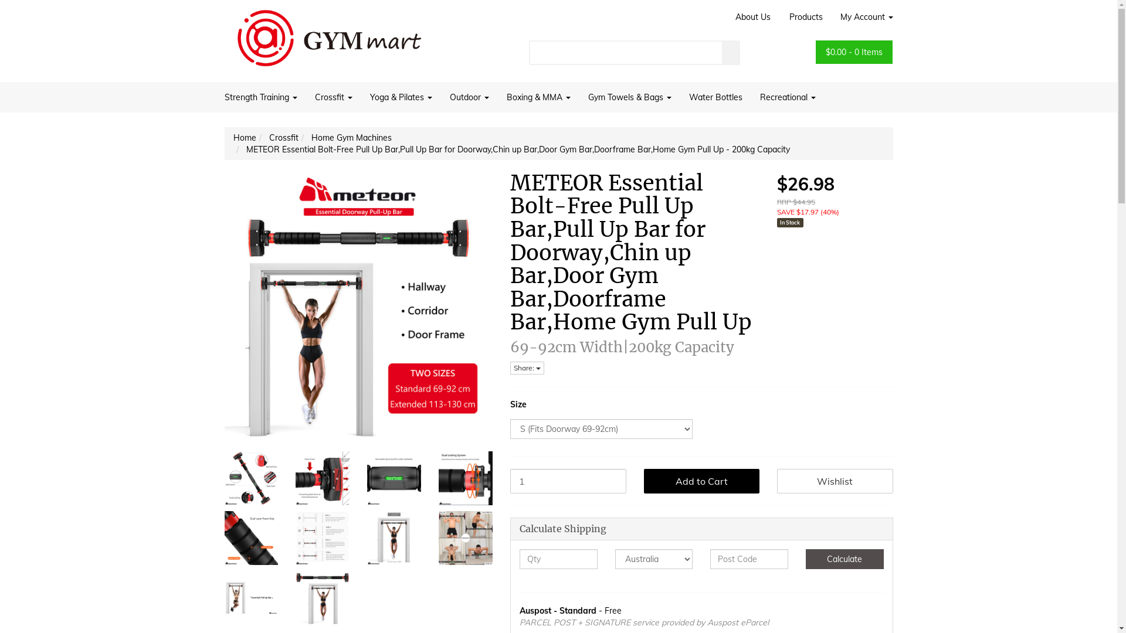 The height and width of the screenshot is (633, 1126). What do you see at coordinates (283, 137) in the screenshot?
I see `'Crossfit'` at bounding box center [283, 137].